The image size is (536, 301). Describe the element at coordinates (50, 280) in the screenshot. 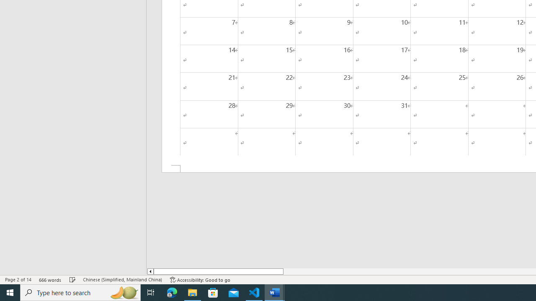

I see `'Word Count 666 words'` at that location.